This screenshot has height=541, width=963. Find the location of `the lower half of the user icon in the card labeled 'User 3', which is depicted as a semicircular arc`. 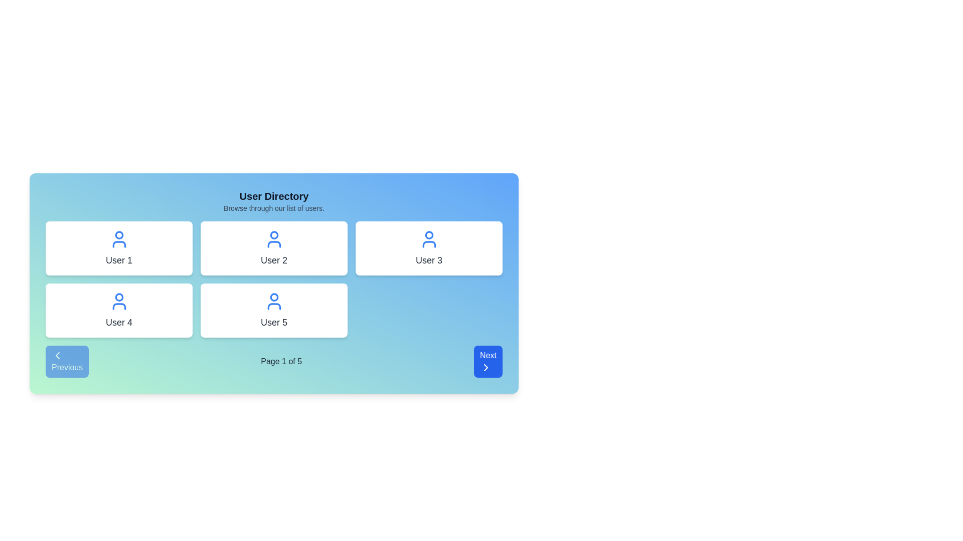

the lower half of the user icon in the card labeled 'User 3', which is depicted as a semicircular arc is located at coordinates (429, 244).